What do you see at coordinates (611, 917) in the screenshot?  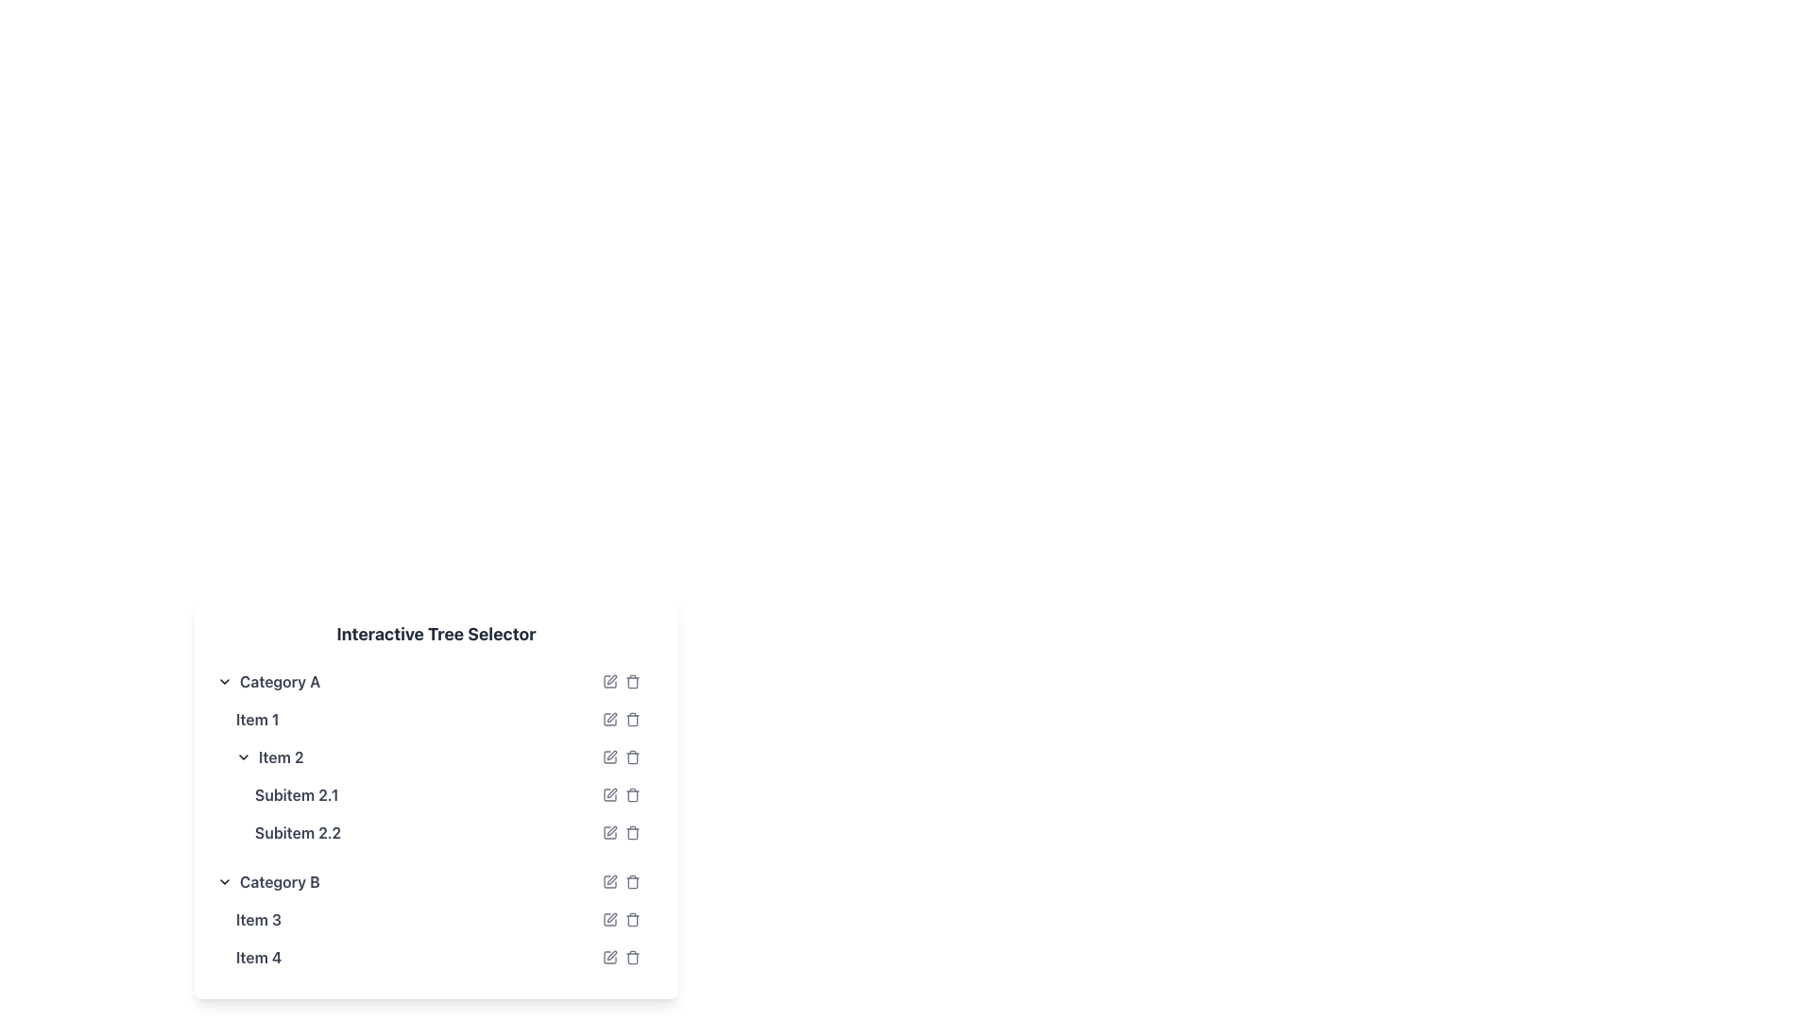 I see `the pen-like icon button located in the toolbar next to 'Item 3' in 'Category B', which is styled in grayish blue and is the second action icon from the left` at bounding box center [611, 917].